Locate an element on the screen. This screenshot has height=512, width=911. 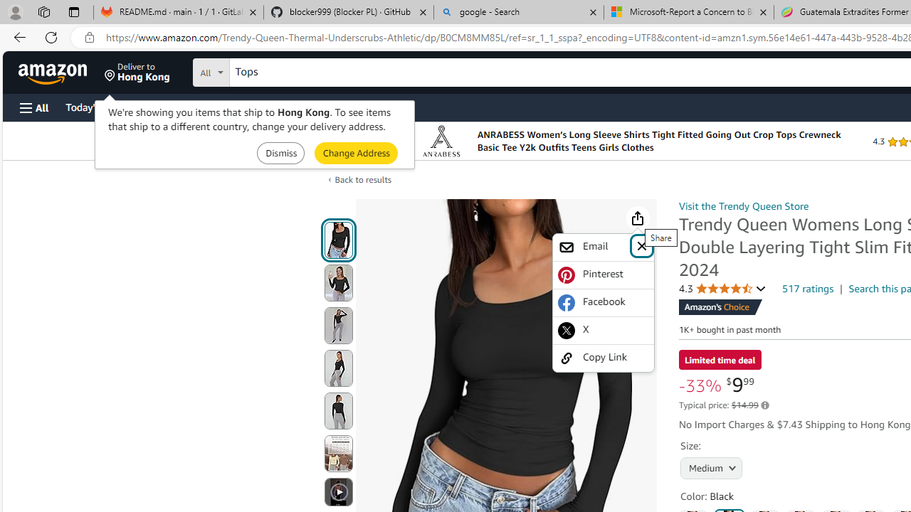
'Deliver to Hong Kong' is located at coordinates (137, 72).